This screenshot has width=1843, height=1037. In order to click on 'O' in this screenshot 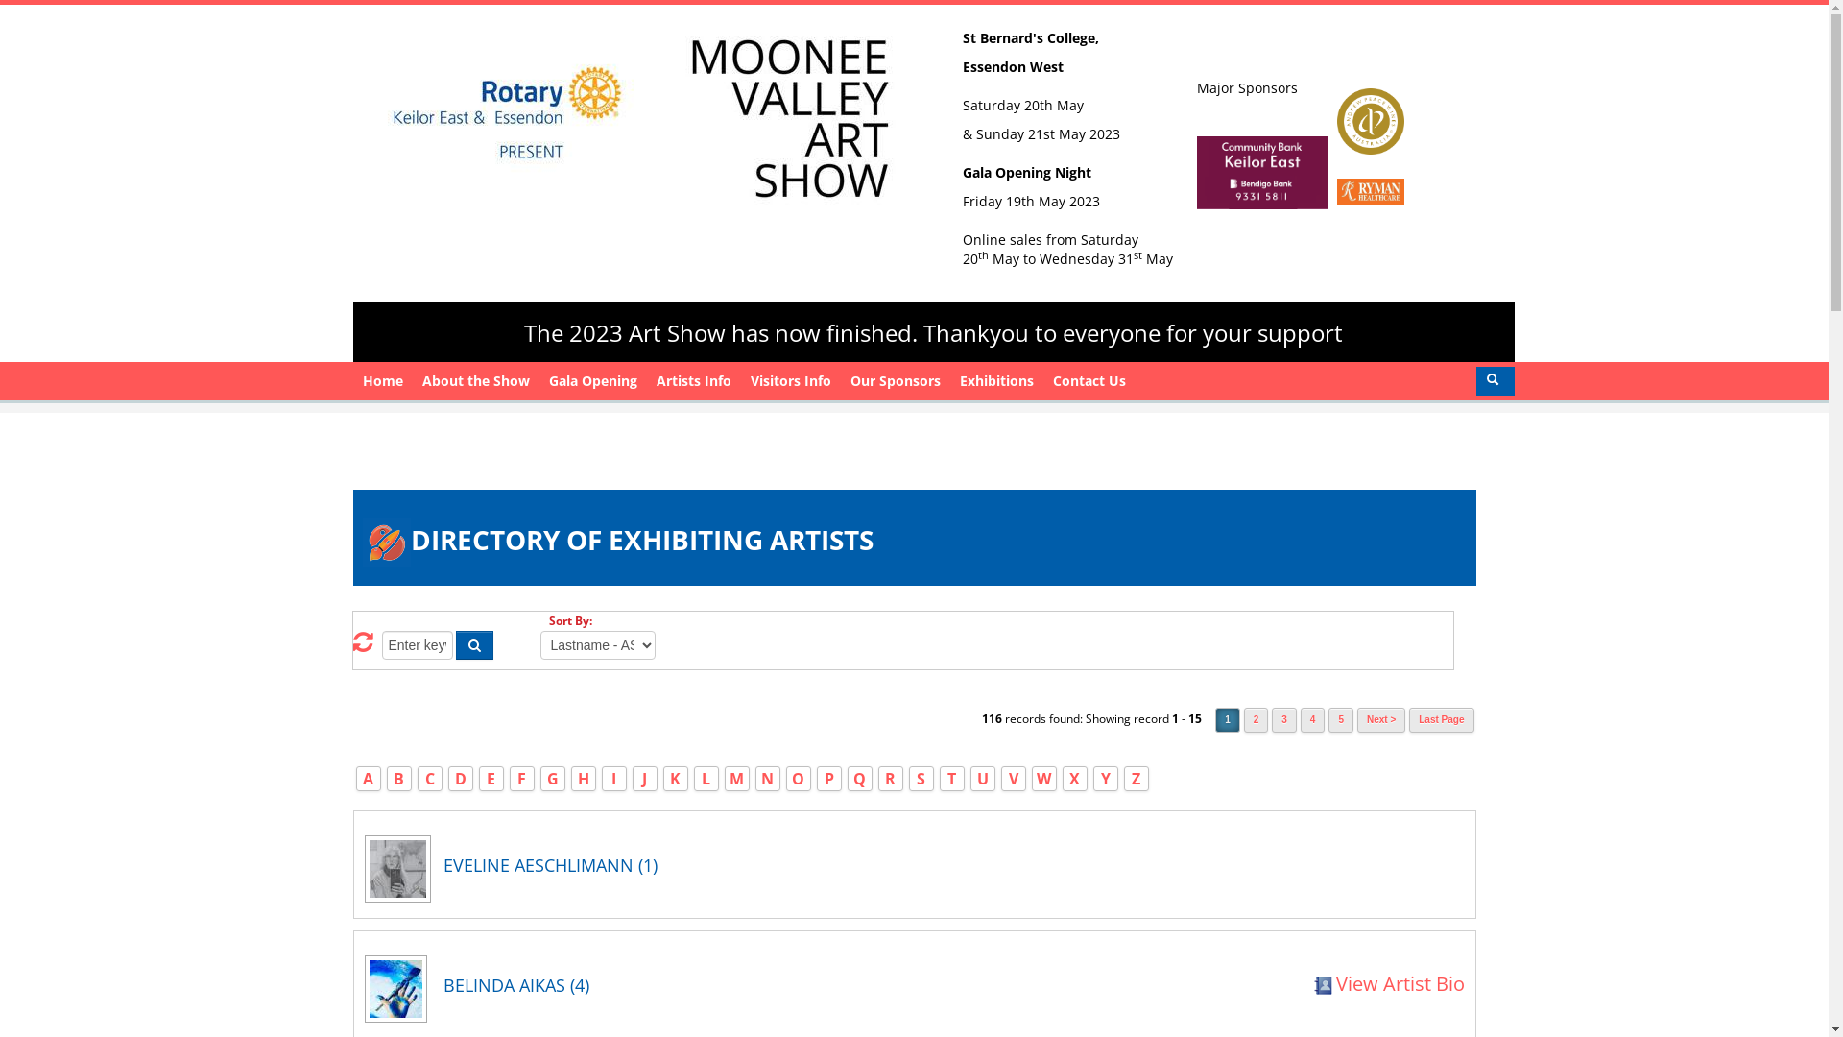, I will do `click(798, 778)`.